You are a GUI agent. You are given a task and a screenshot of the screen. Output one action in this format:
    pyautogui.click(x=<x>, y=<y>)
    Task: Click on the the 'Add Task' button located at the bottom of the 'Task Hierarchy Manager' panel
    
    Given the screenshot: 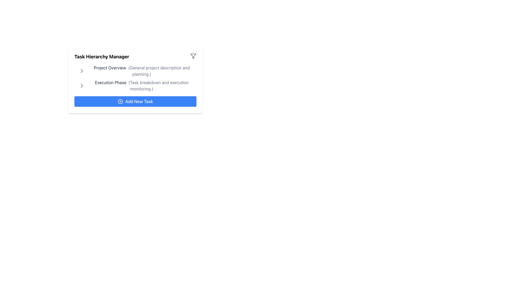 What is the action you would take?
    pyautogui.click(x=135, y=101)
    